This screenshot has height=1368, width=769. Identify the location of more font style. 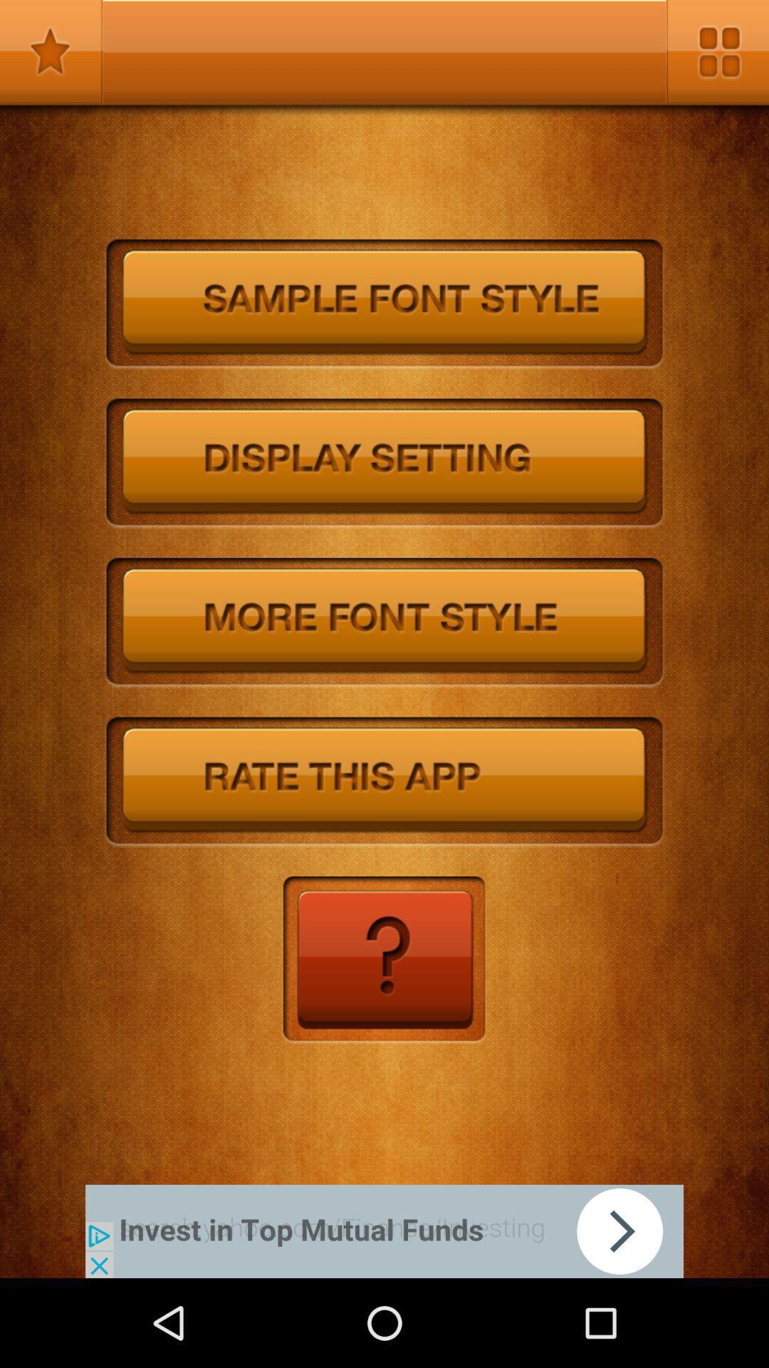
(384, 623).